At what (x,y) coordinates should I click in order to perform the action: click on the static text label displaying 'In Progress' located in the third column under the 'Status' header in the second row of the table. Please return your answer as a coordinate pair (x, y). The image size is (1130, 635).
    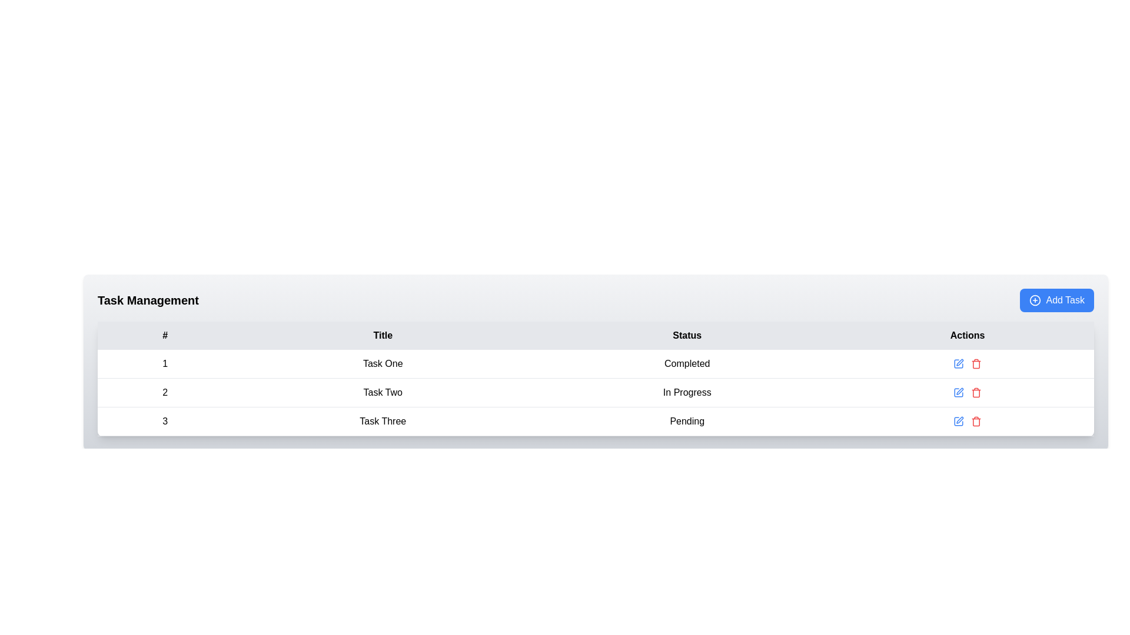
    Looking at the image, I should click on (687, 392).